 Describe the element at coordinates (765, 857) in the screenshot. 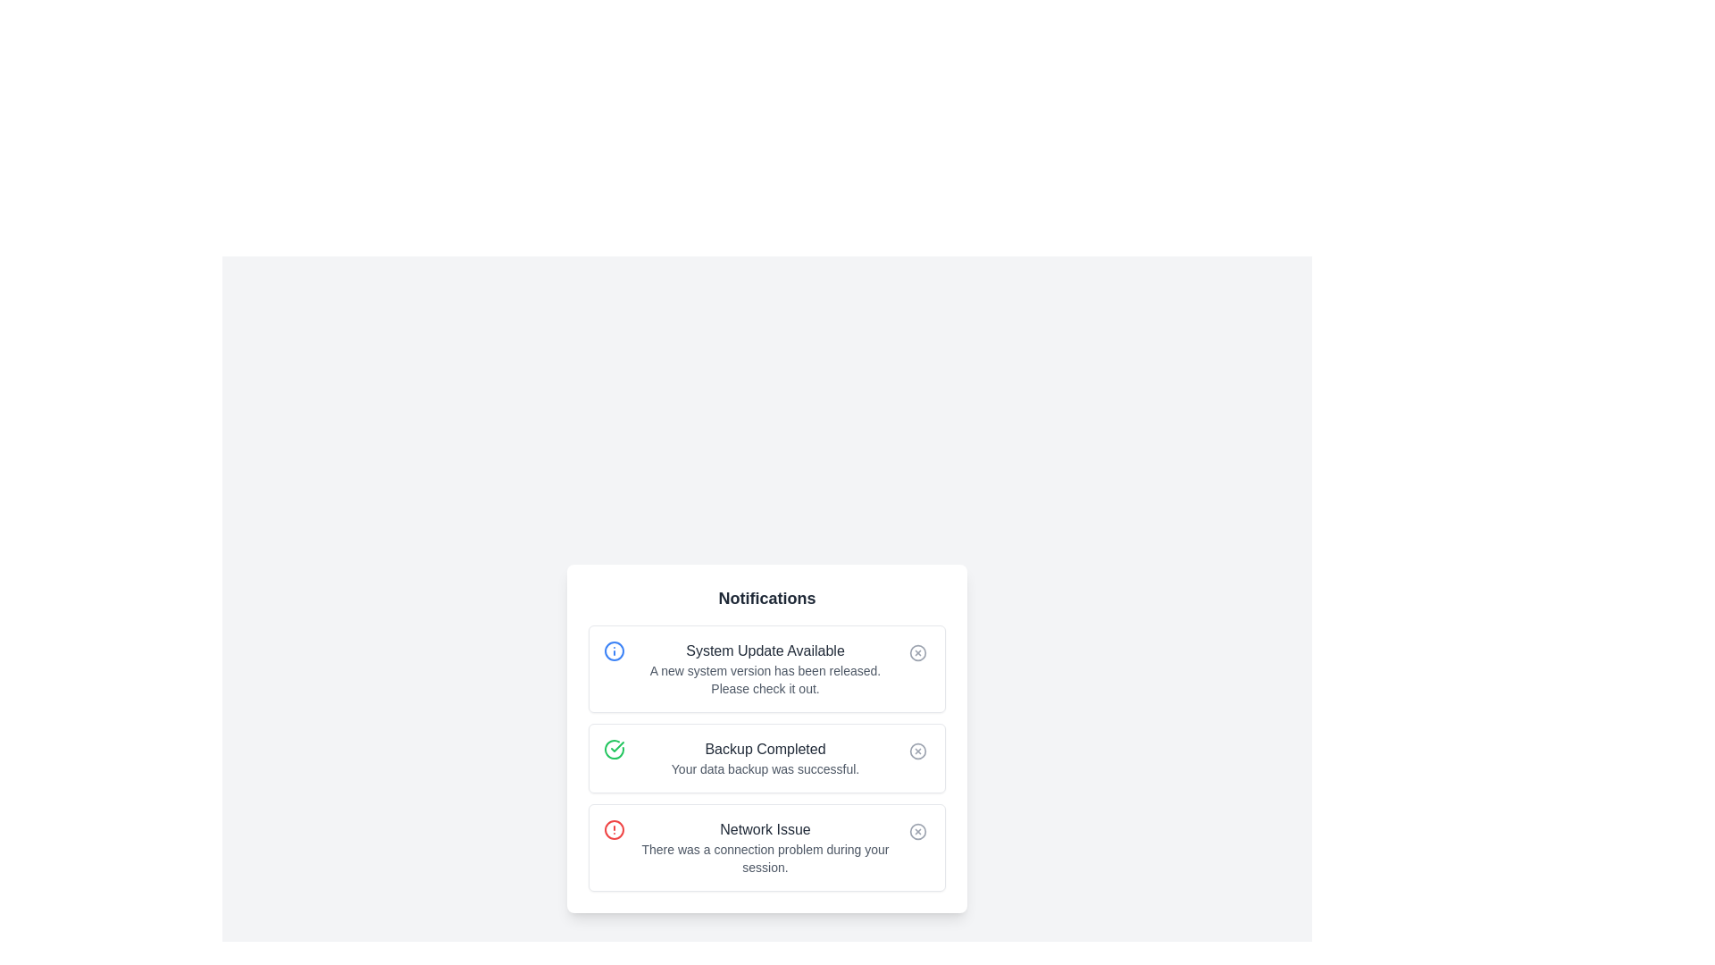

I see `static text element displaying the message 'There was a connection problem during your session.' located in the notification box below the title 'Network Issue'` at that location.